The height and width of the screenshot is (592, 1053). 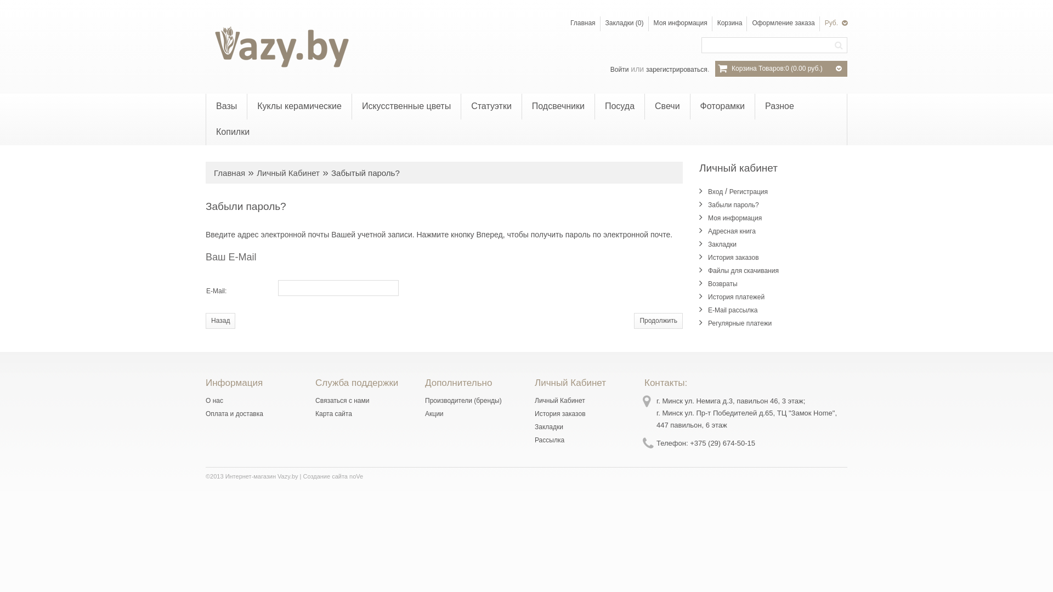 What do you see at coordinates (205, 46) in the screenshot?
I see `'Vazy.by'` at bounding box center [205, 46].